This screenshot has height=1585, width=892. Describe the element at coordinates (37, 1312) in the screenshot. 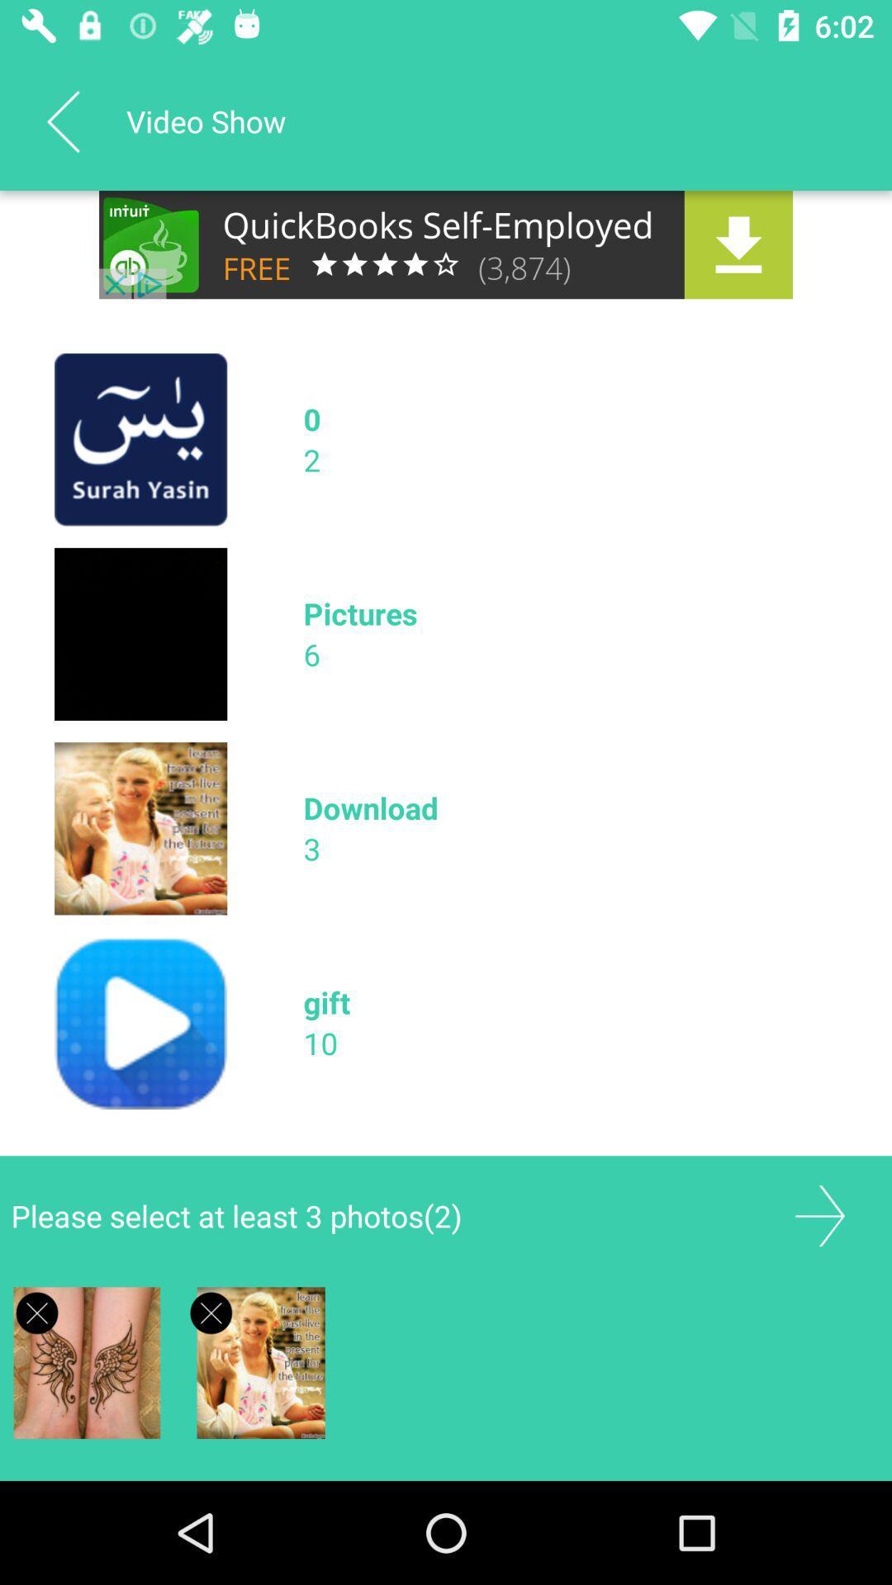

I see `delete image` at that location.